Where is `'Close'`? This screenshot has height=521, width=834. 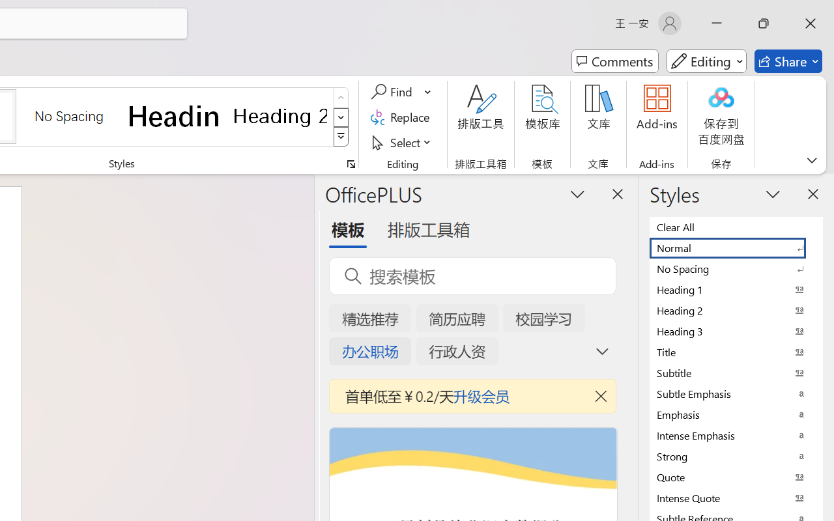
'Close' is located at coordinates (810, 23).